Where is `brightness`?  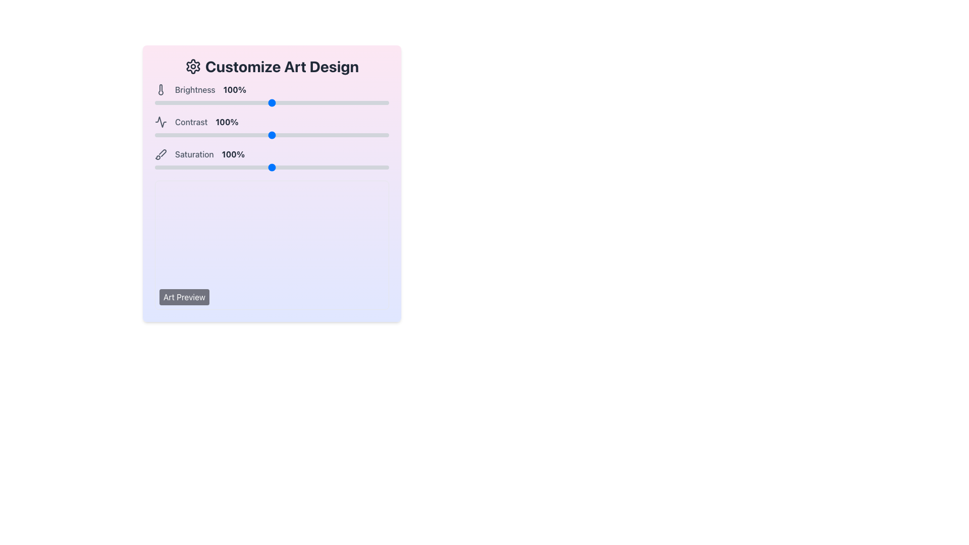
brightness is located at coordinates (290, 103).